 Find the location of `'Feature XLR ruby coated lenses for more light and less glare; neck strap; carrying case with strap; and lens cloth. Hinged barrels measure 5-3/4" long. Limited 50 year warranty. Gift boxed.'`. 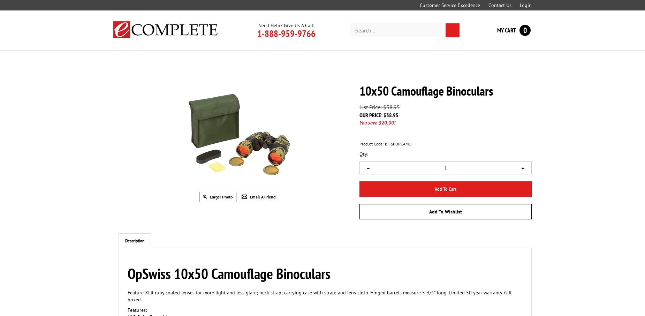

'Feature XLR ruby coated lenses for more light and less glare; neck strap; carrying case with strap; and lens cloth. Hinged barrels measure 5-3/4" long. Limited 50 year warranty. Gift boxed.' is located at coordinates (320, 296).